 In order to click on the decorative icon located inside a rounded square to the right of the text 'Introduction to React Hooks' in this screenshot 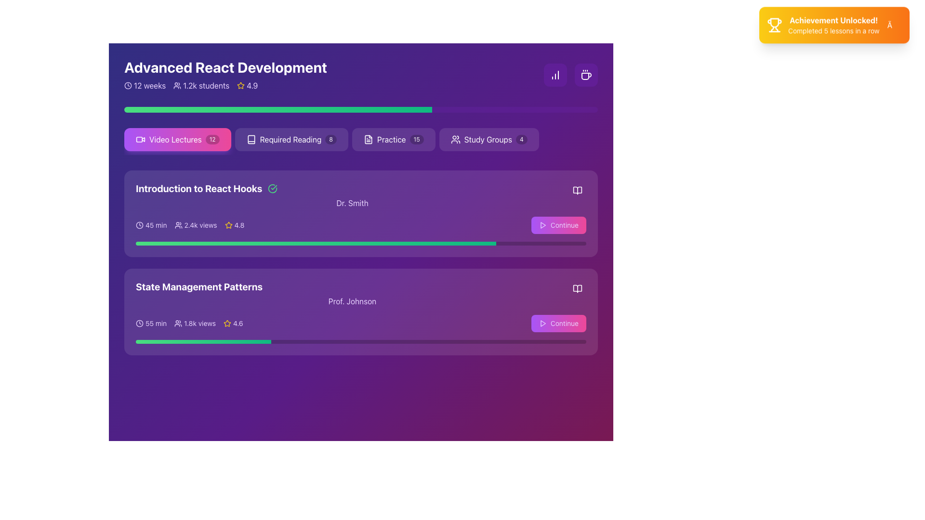, I will do `click(272, 189)`.